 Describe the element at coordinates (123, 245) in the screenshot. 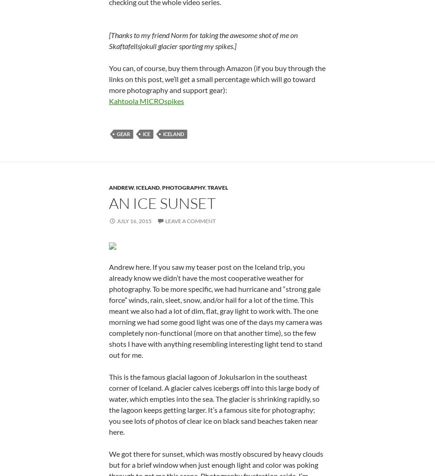

I see `'gear'` at that location.